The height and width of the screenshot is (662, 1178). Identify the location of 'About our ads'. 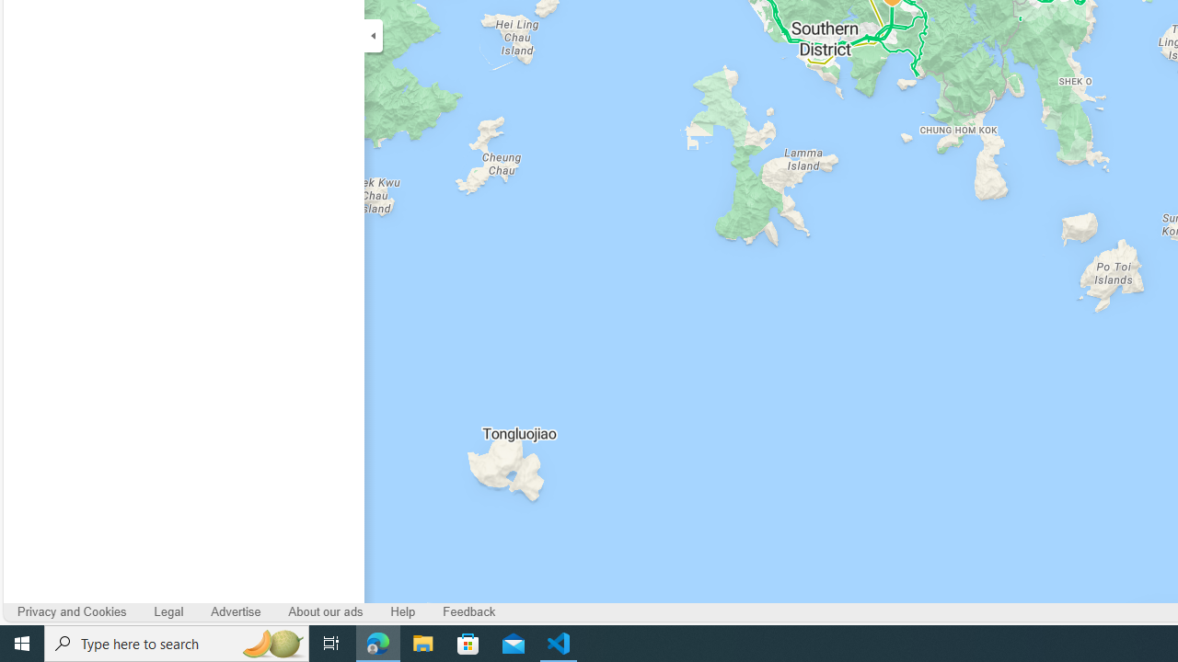
(325, 612).